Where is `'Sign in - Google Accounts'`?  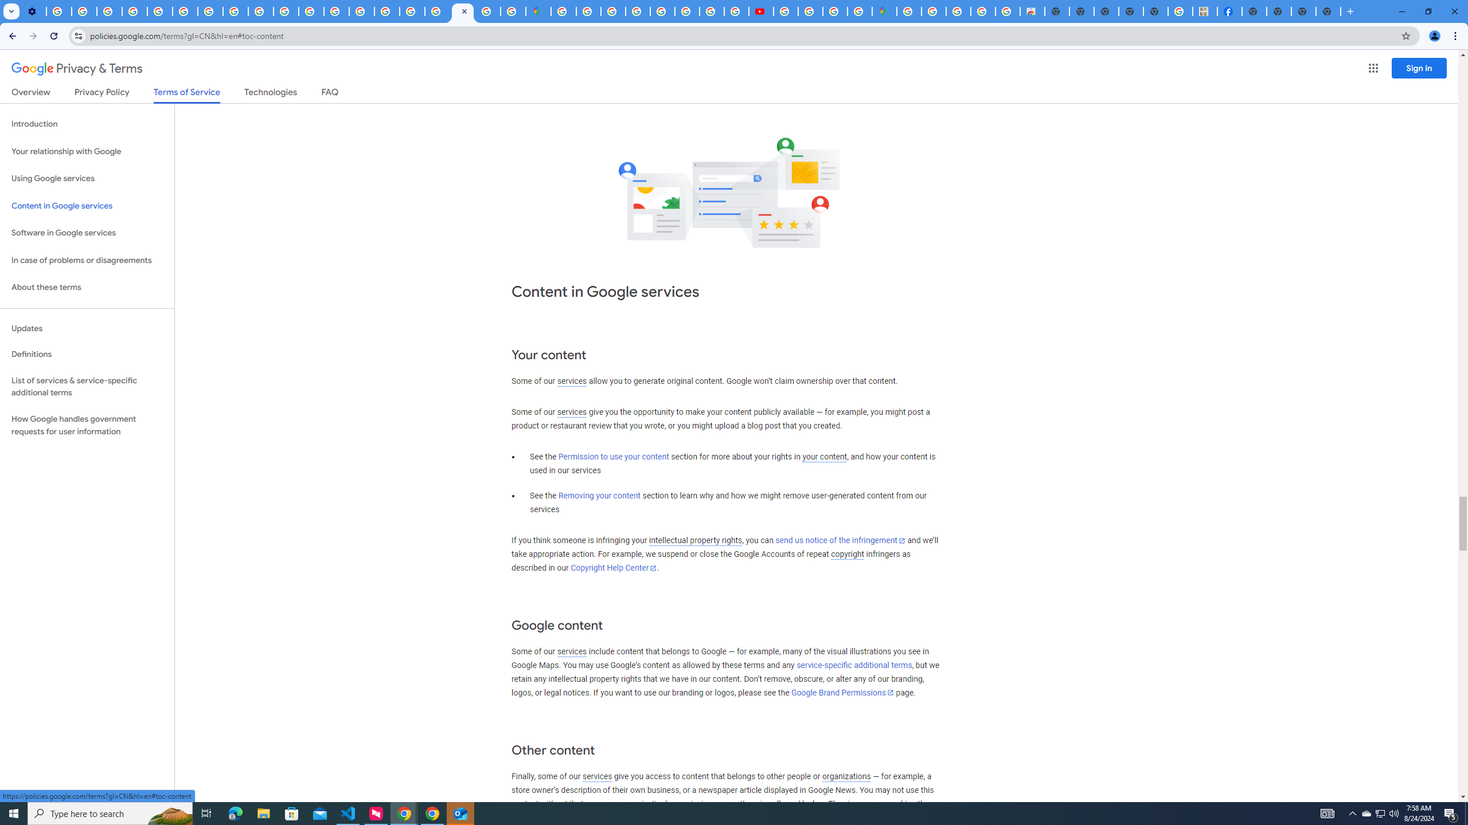 'Sign in - Google Accounts' is located at coordinates (437, 11).